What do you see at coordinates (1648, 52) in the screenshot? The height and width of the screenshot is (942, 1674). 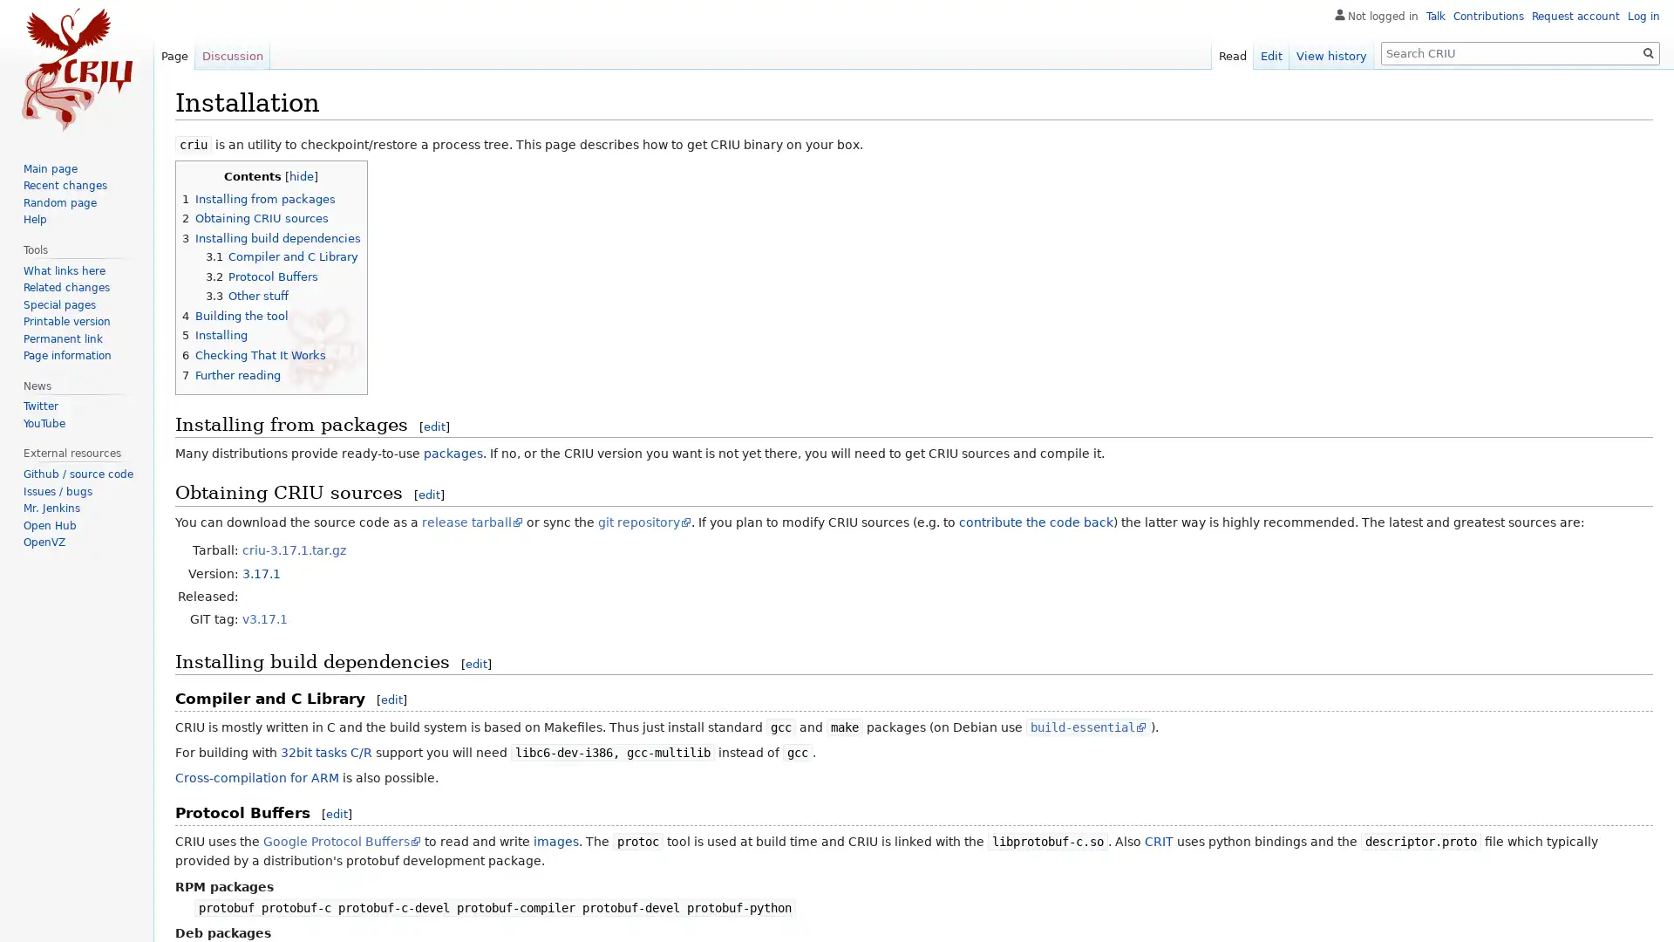 I see `Go` at bounding box center [1648, 52].